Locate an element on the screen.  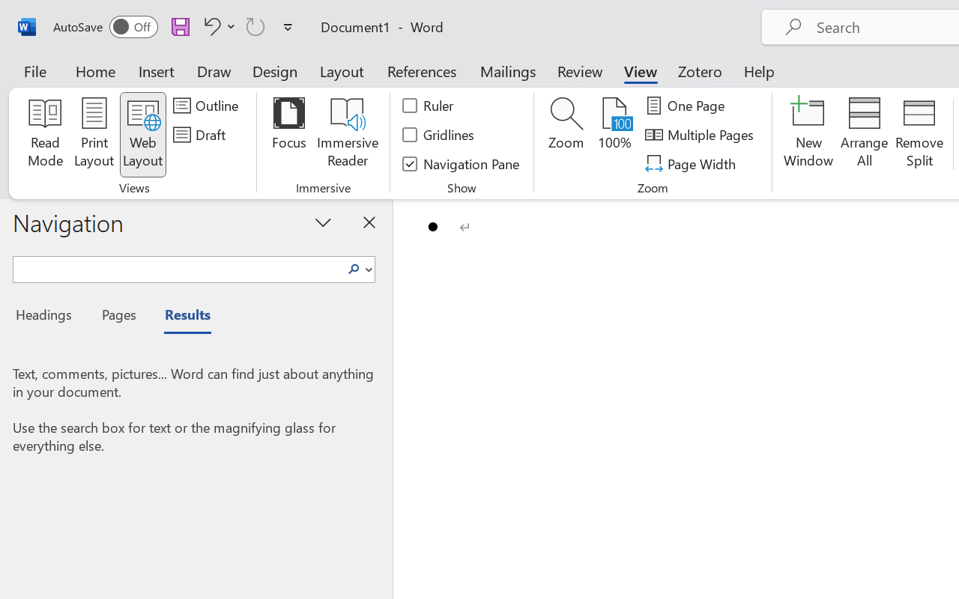
'Multiple Pages' is located at coordinates (701, 134).